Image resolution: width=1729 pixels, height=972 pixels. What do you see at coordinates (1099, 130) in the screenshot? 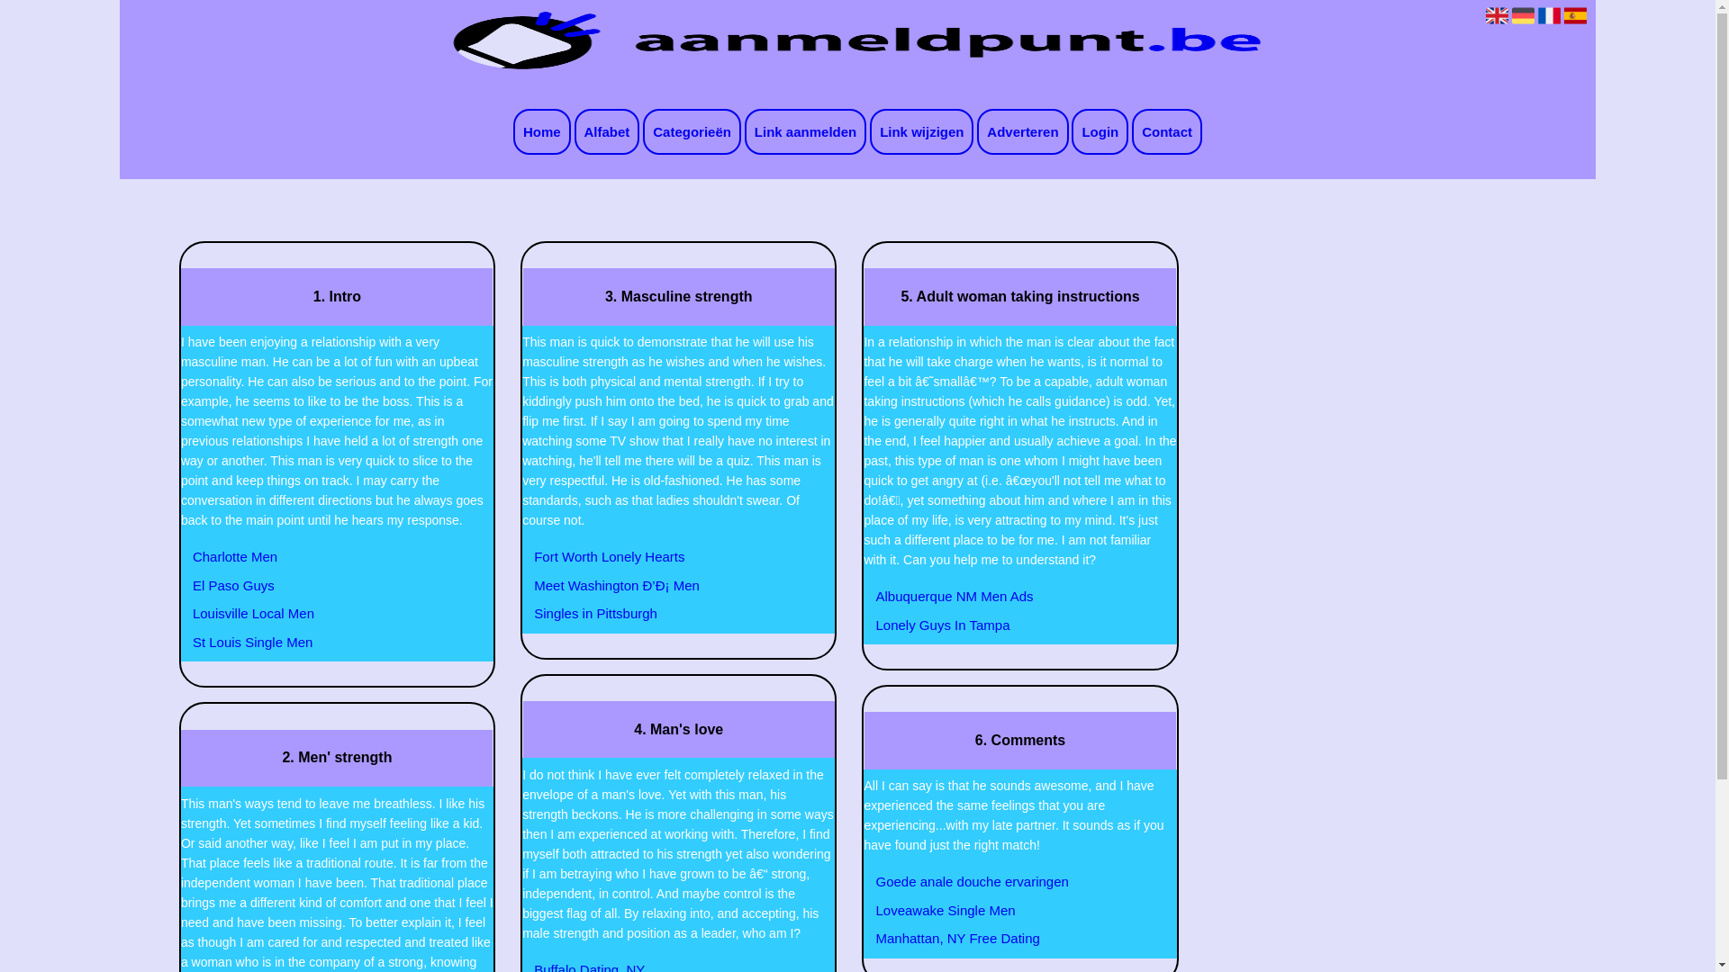
I see `'Login'` at bounding box center [1099, 130].